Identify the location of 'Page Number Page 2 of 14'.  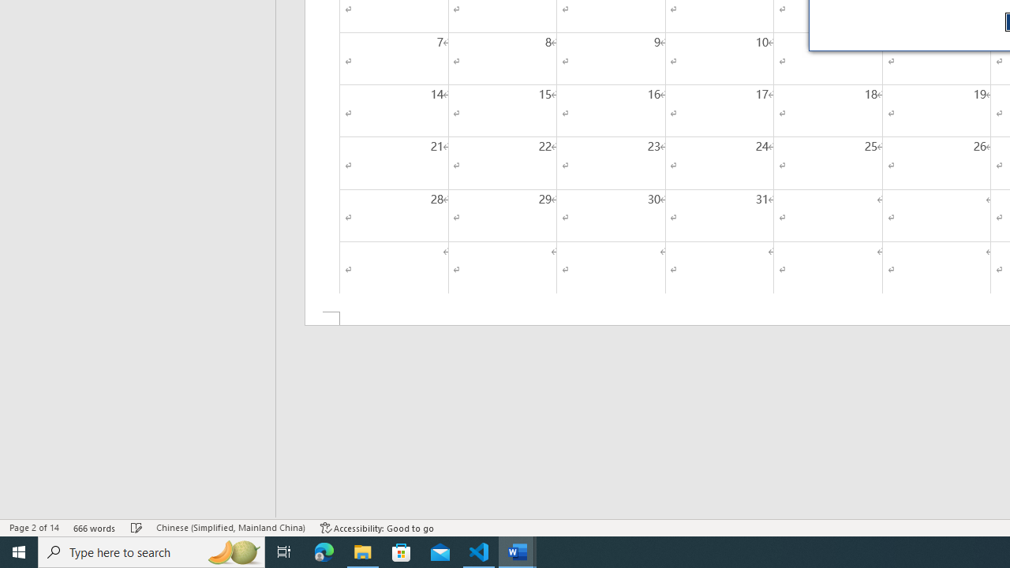
(34, 528).